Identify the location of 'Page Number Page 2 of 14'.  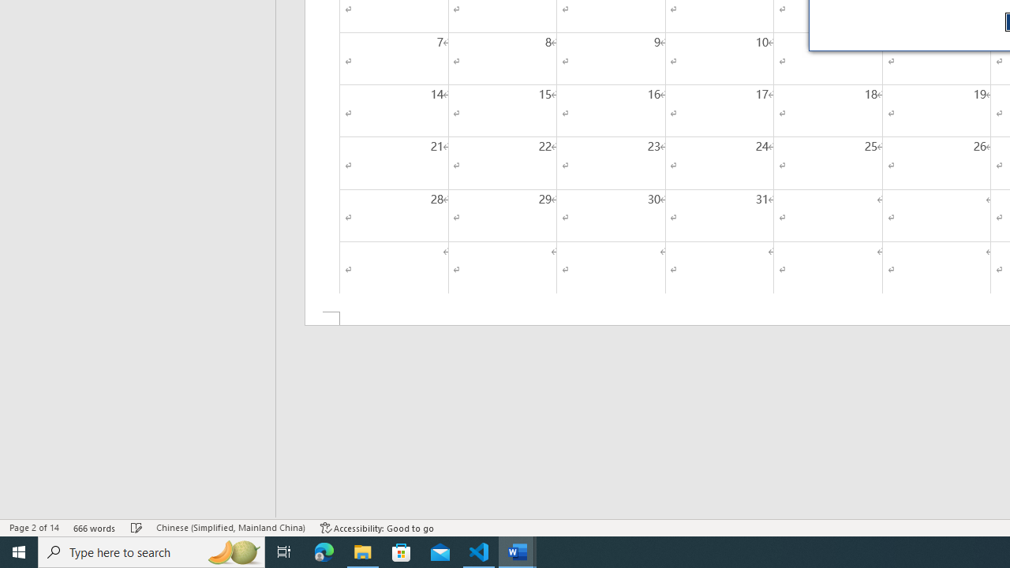
(34, 528).